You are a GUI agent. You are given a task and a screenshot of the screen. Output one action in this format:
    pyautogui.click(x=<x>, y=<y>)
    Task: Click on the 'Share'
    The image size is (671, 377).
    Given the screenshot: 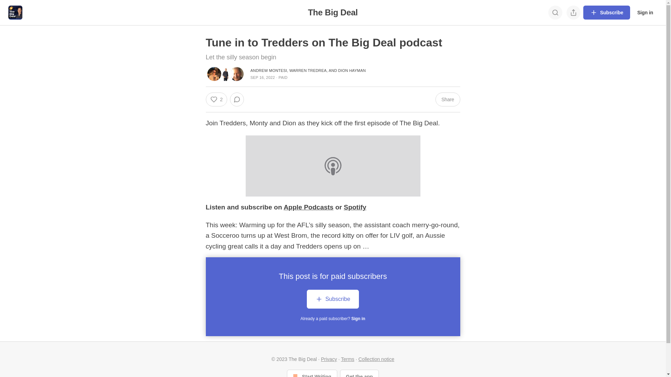 What is the action you would take?
    pyautogui.click(x=435, y=99)
    